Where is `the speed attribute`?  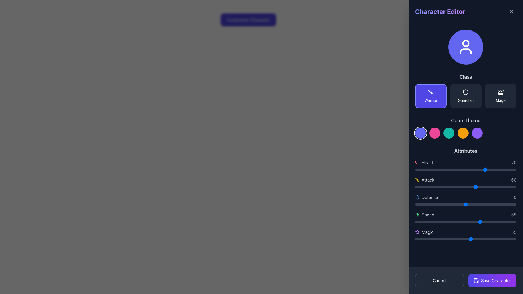 the speed attribute is located at coordinates (460, 222).